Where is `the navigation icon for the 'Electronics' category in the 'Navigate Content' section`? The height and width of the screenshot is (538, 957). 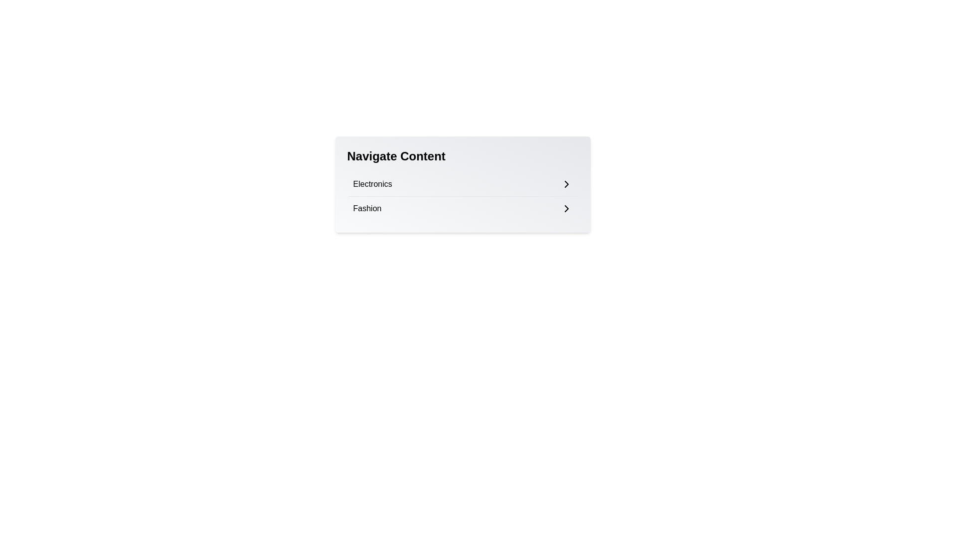
the navigation icon for the 'Electronics' category in the 'Navigate Content' section is located at coordinates (566, 184).